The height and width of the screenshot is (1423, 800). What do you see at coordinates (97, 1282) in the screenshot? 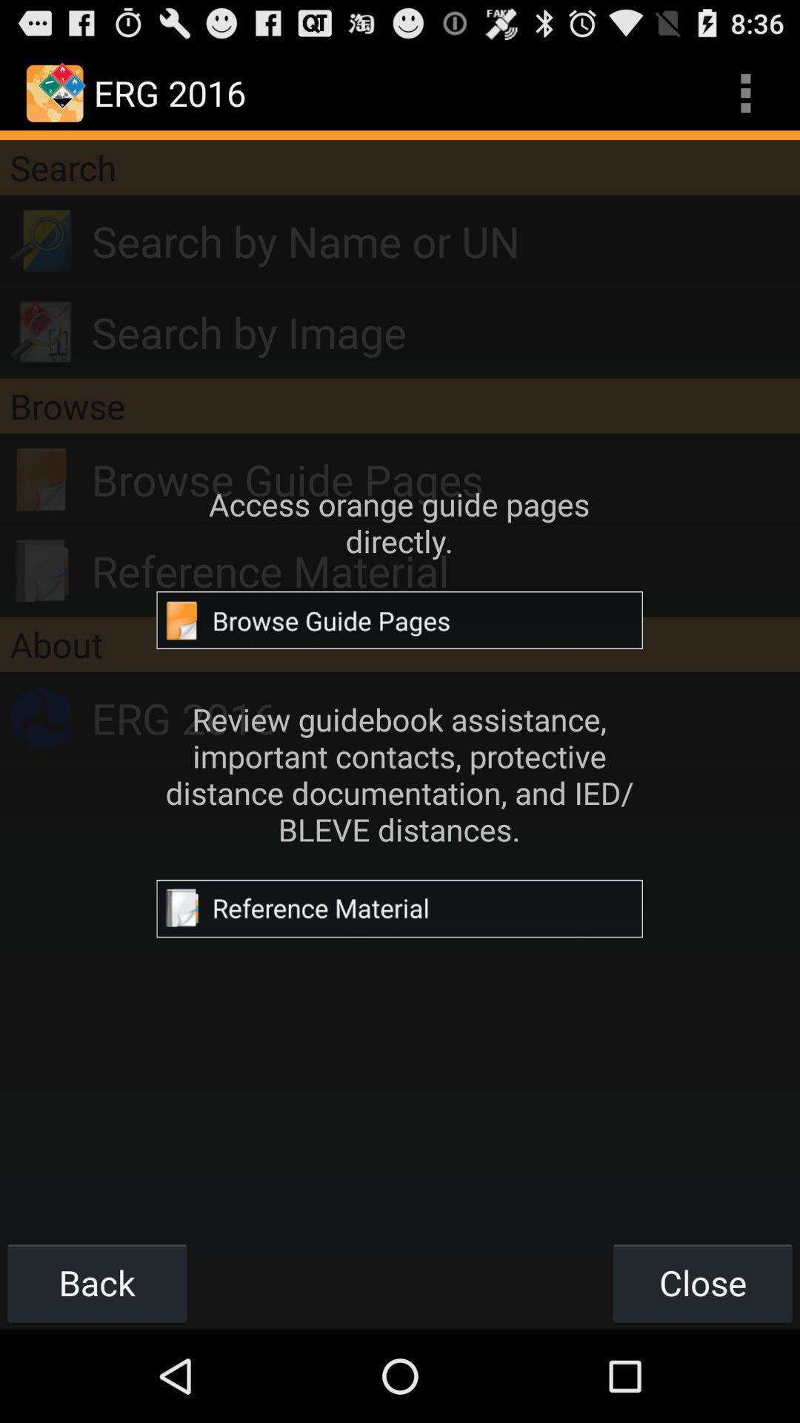
I see `the icon to the left of close button` at bounding box center [97, 1282].